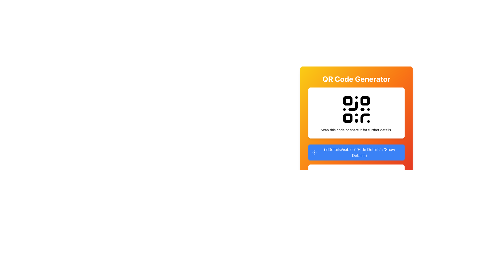  Describe the element at coordinates (356, 109) in the screenshot. I see `the QR Code graphic located at the center of the white rectangular card, which is positioned below the heading 'QR Code Generator'` at that location.